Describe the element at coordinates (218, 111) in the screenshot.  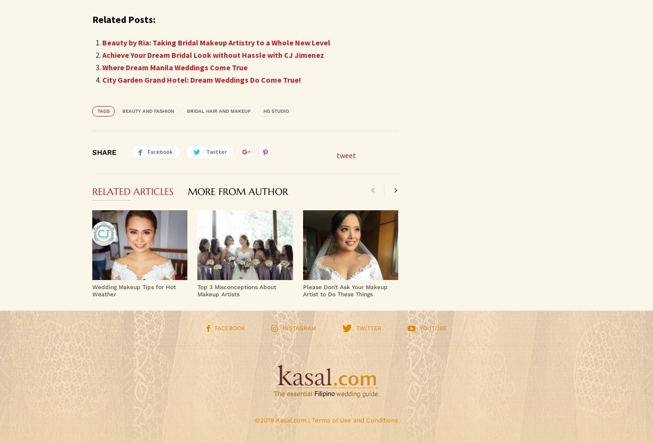
I see `'bridal hair and makeup'` at that location.